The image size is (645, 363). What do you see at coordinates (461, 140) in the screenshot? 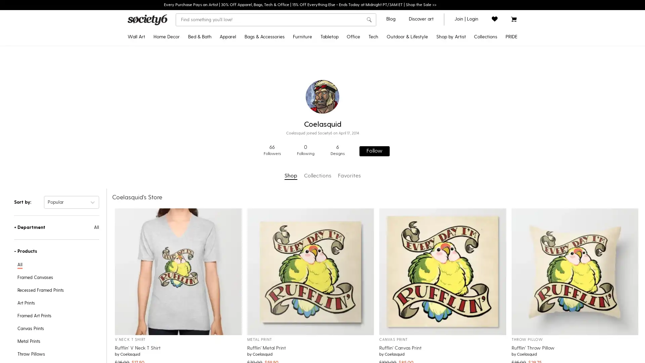
I see `Portraiture` at bounding box center [461, 140].